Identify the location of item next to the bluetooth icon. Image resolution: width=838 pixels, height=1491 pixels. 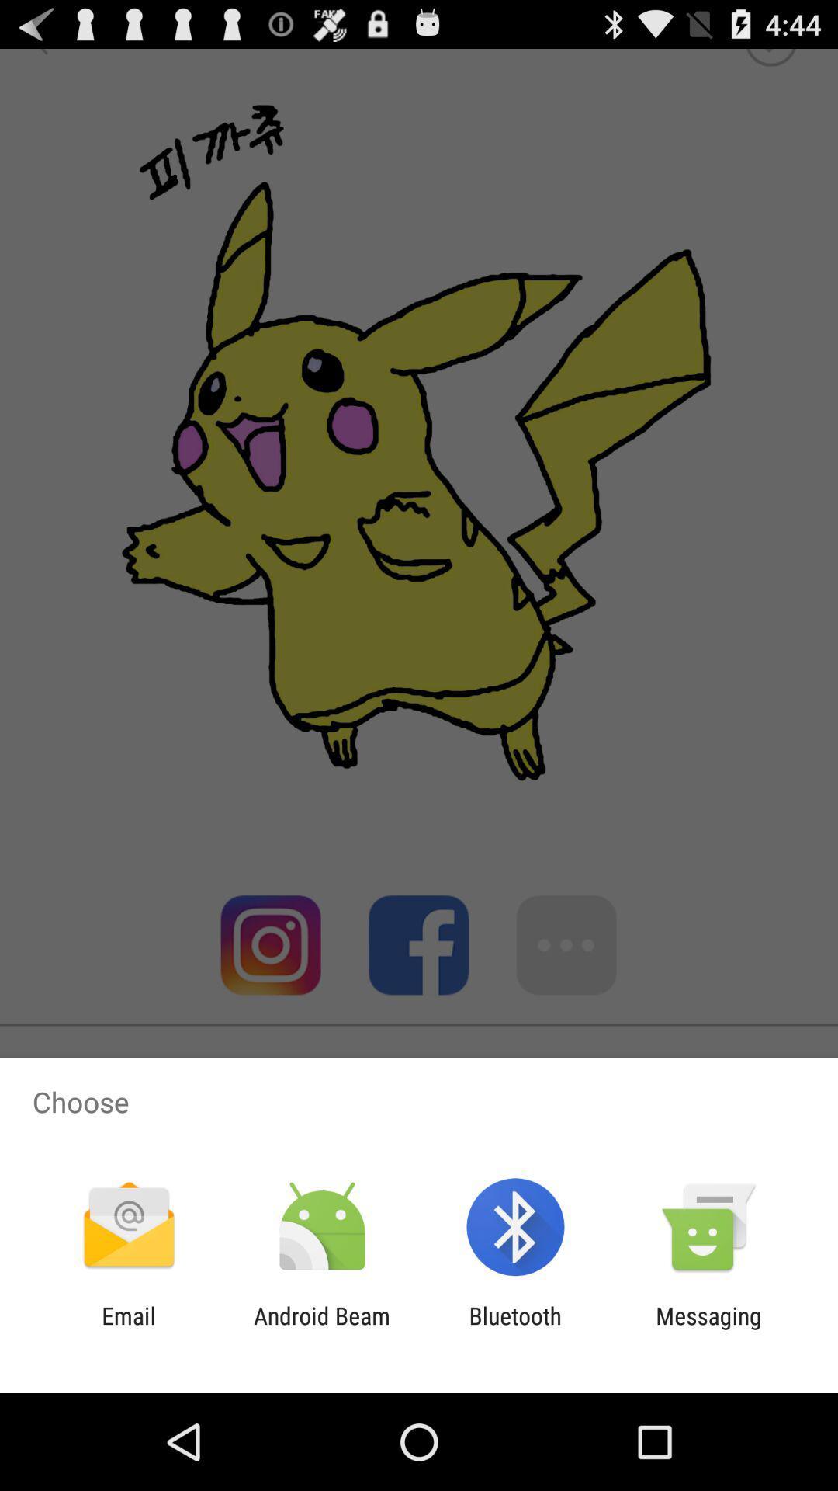
(708, 1329).